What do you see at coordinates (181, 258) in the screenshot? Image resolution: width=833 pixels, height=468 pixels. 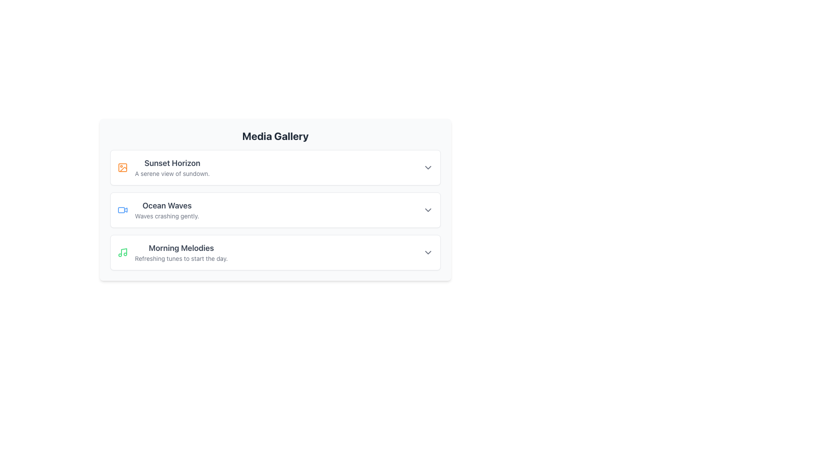 I see `the static text element displaying 'Refreshing tunes to start the day.' located below the title 'Morning Melodies' in the Media Gallery section` at bounding box center [181, 258].